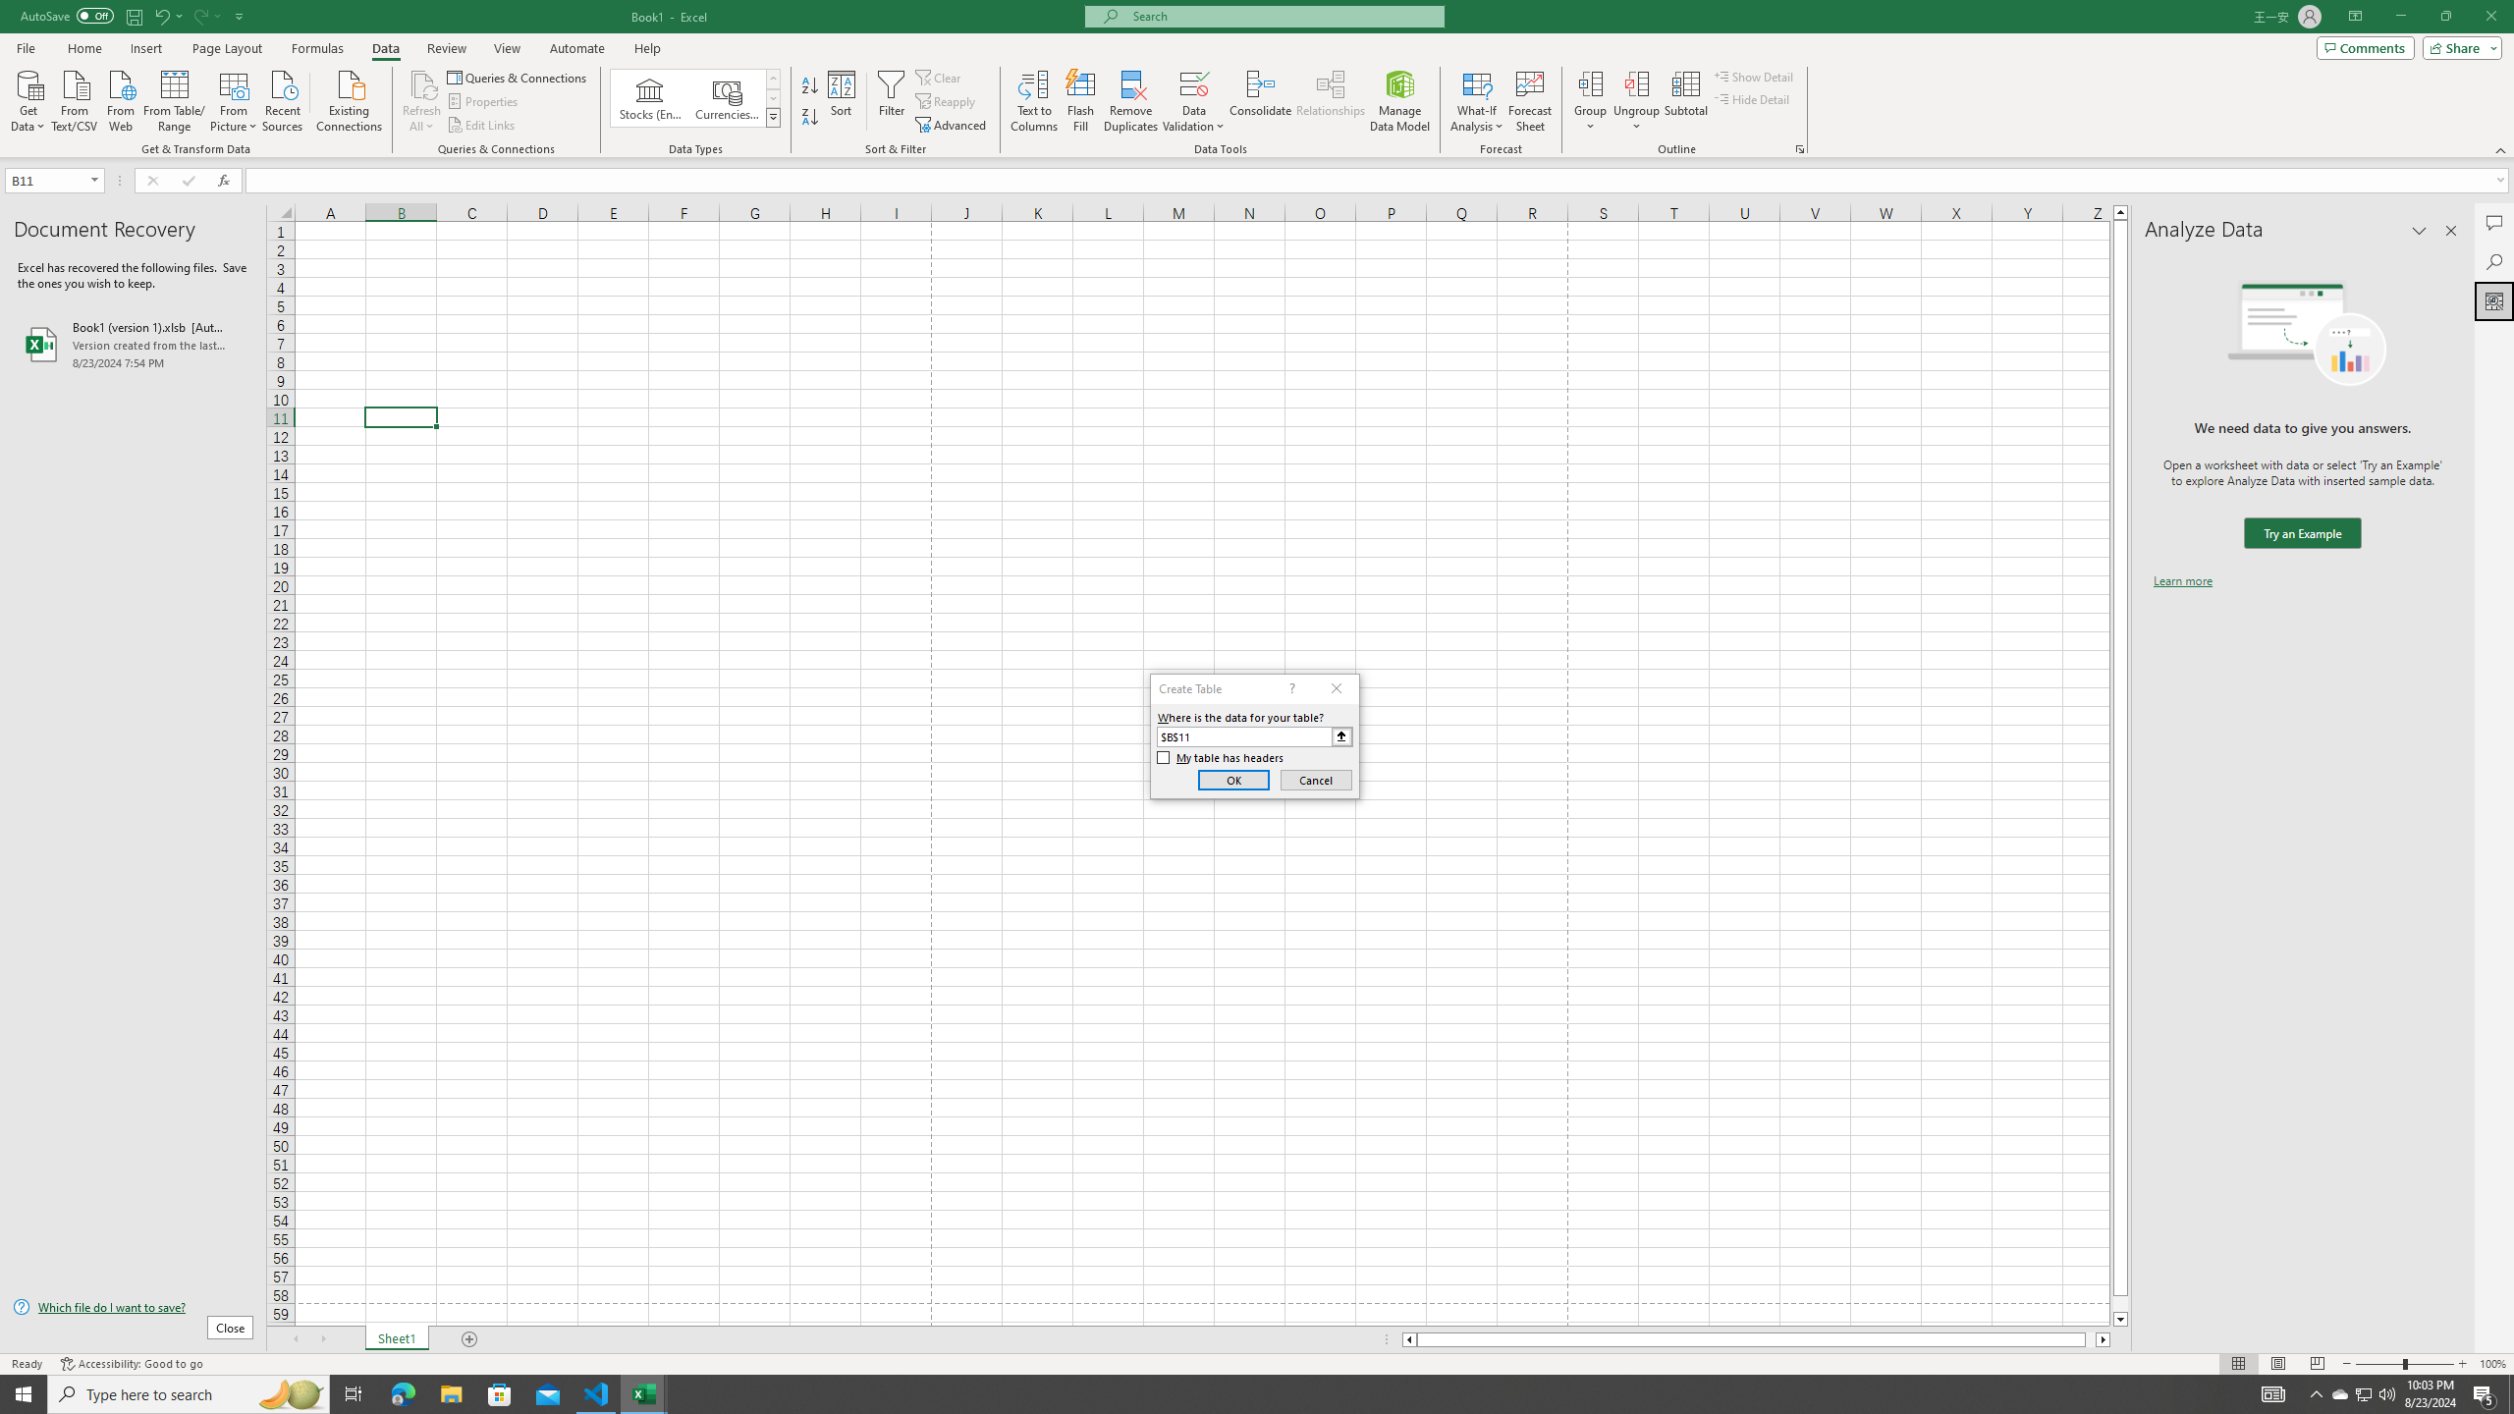 This screenshot has height=1414, width=2514. I want to click on 'Consolidate...', so click(1260, 101).